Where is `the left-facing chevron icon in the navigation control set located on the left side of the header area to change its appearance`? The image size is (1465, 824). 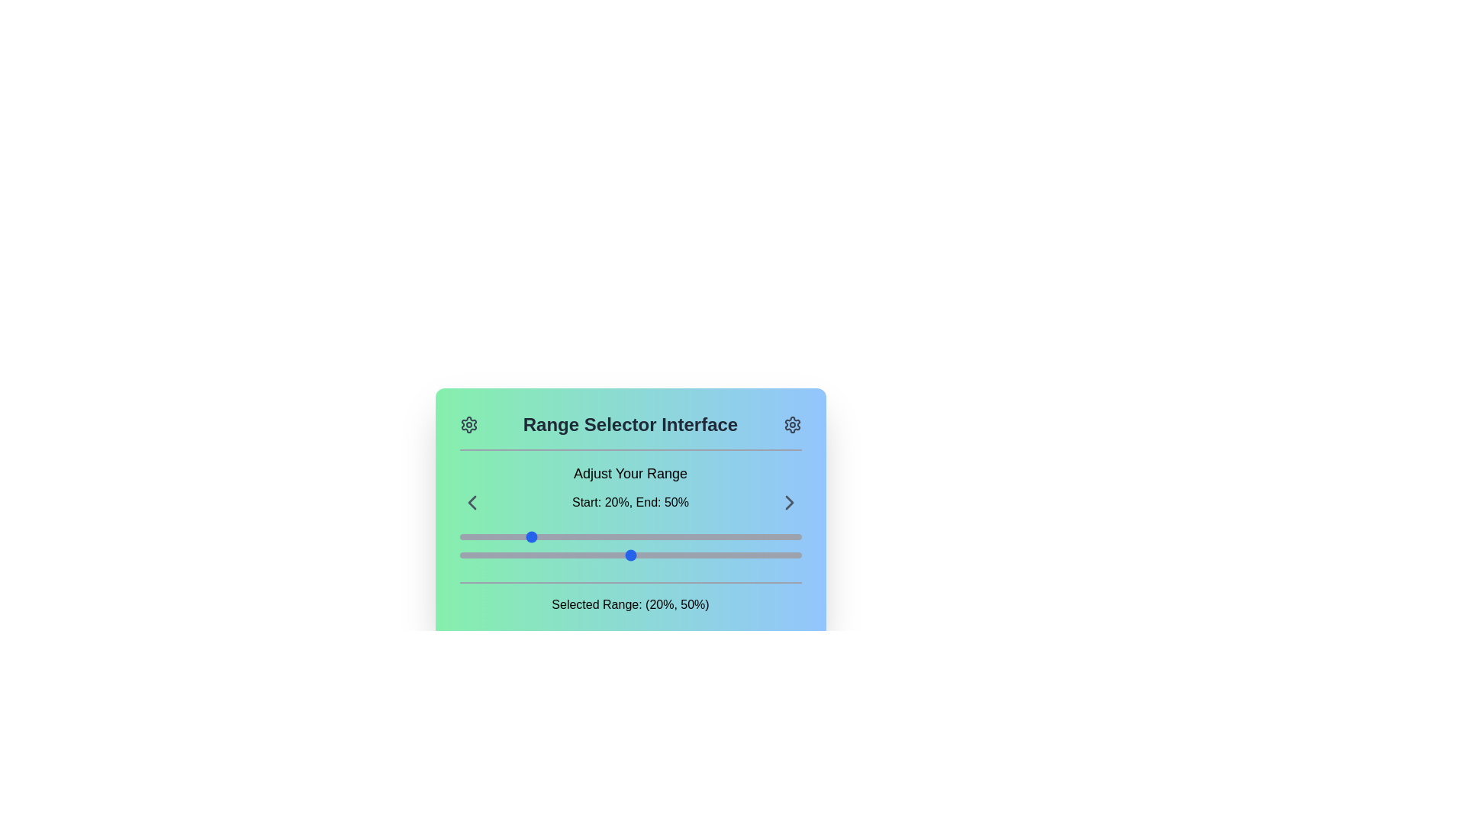 the left-facing chevron icon in the navigation control set located on the left side of the header area to change its appearance is located at coordinates (471, 503).